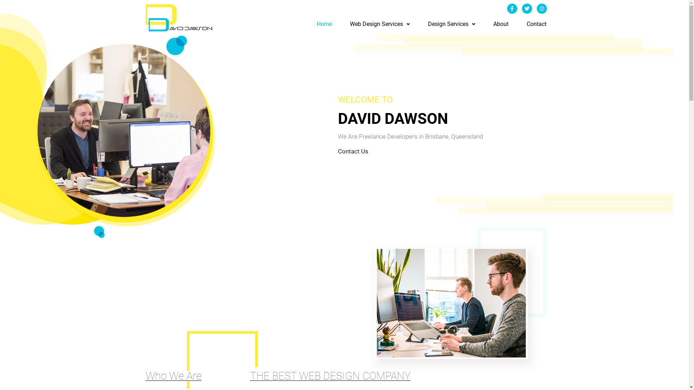 This screenshot has height=390, width=694. I want to click on 'Home', so click(324, 23).